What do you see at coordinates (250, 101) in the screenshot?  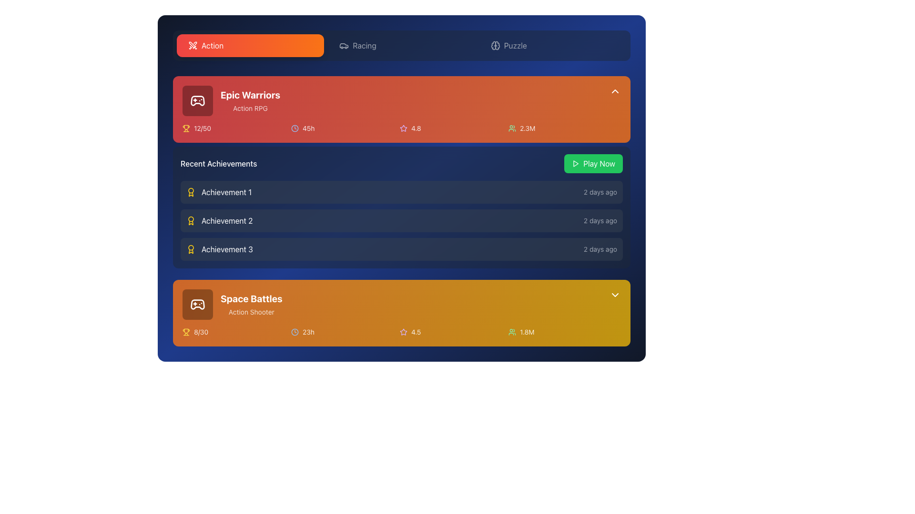 I see `text displayed as the title and subtitle for the game 'Epic Warriors' located in the 'Action' section of the interface` at bounding box center [250, 101].